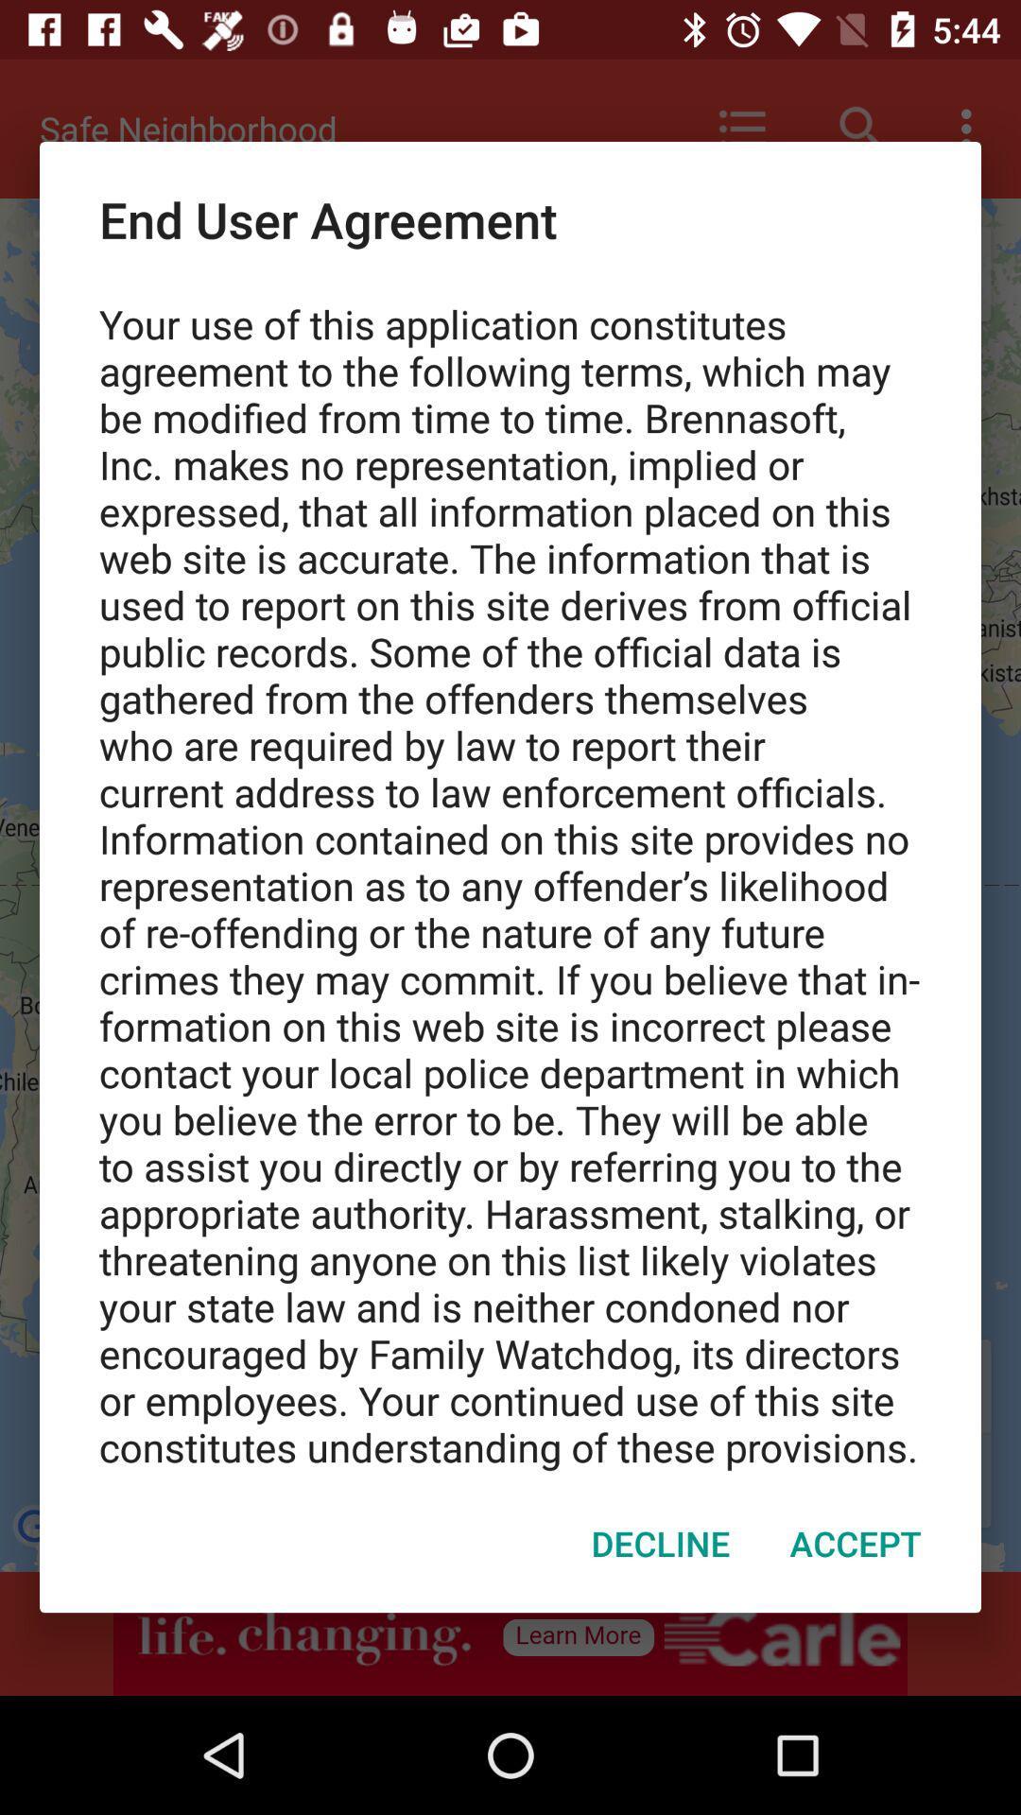  I want to click on the icon below the your use of, so click(856, 1543).